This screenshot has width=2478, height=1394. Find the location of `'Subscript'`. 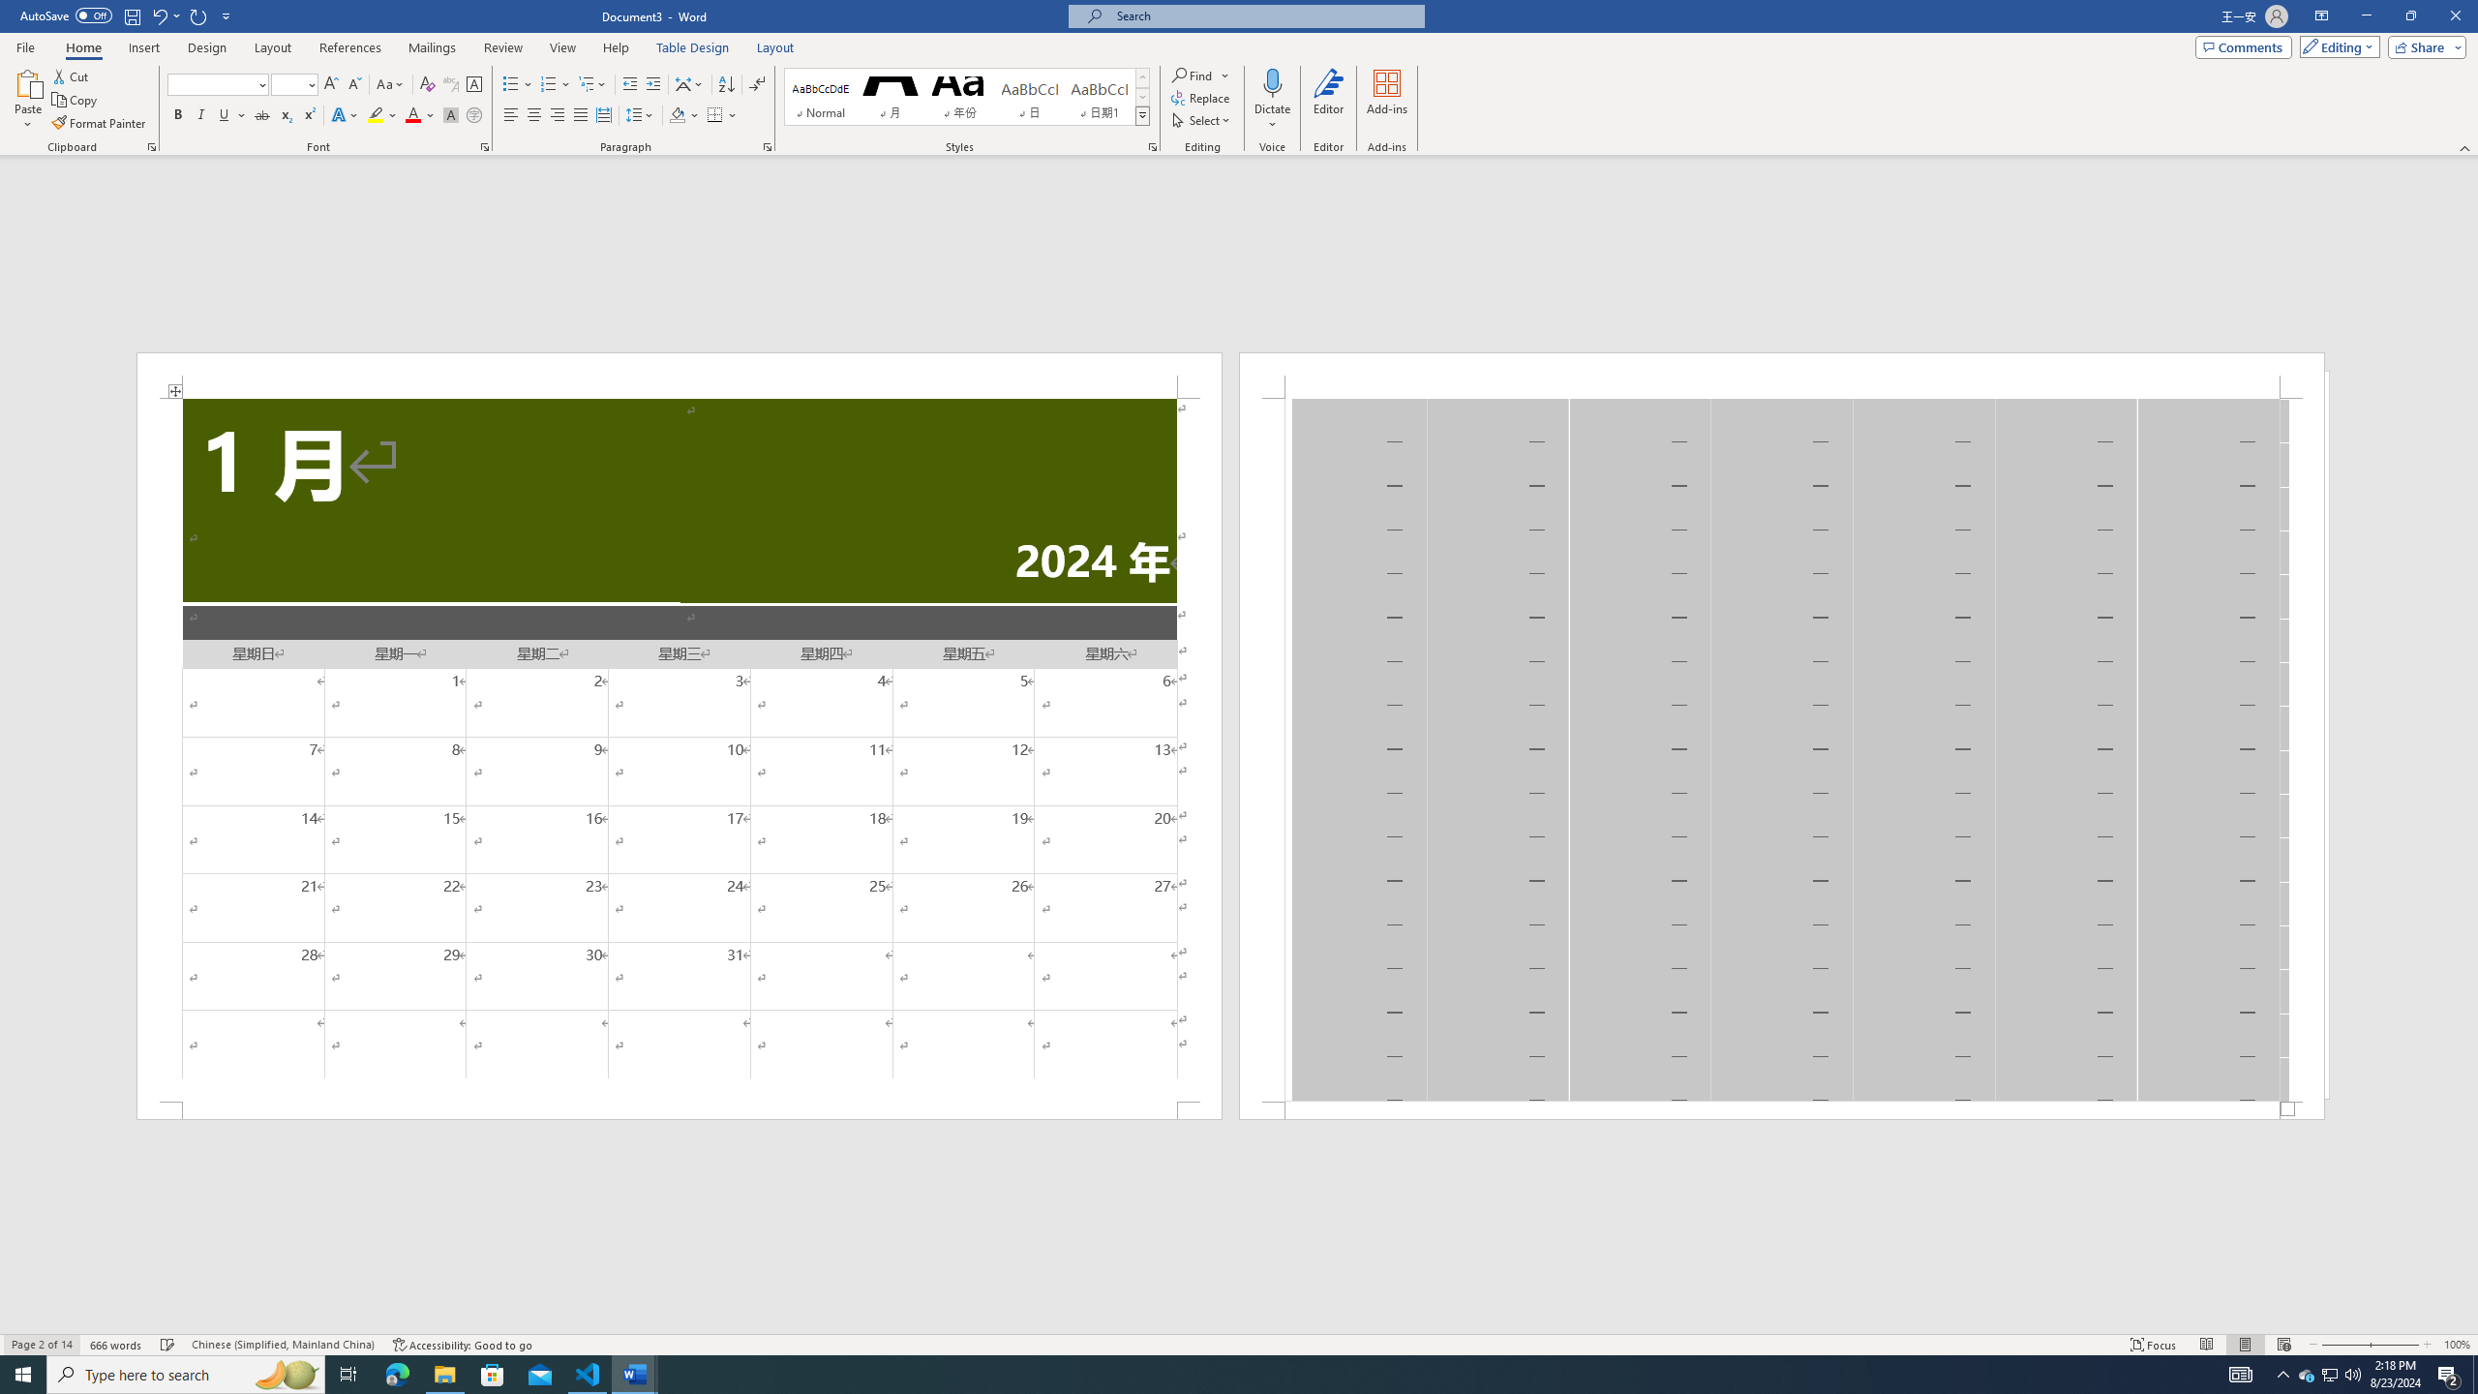

'Subscript' is located at coordinates (285, 114).